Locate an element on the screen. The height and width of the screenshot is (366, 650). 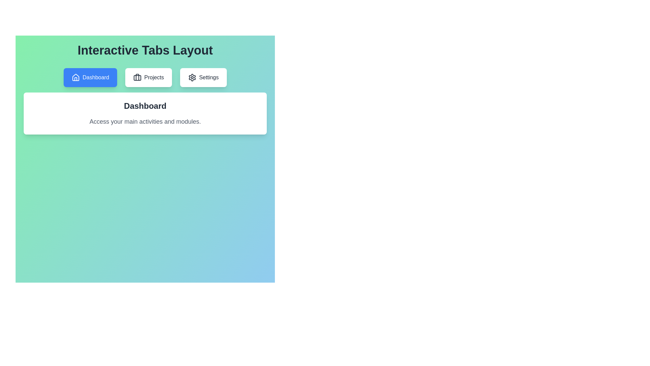
the Projects tab to switch to its content is located at coordinates (148, 77).